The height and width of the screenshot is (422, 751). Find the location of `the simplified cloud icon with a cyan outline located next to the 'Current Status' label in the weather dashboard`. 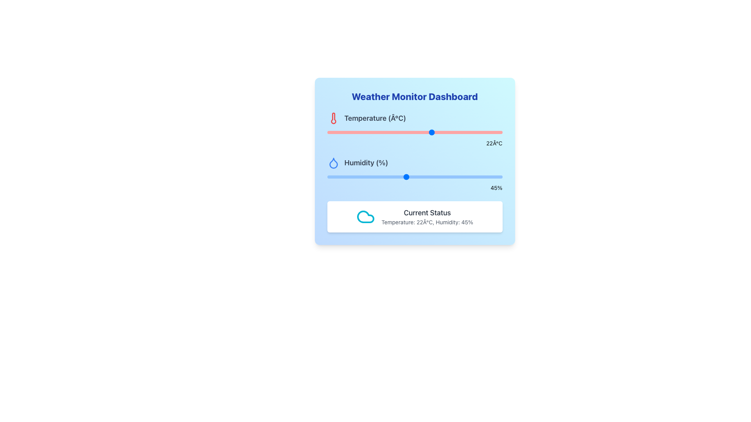

the simplified cloud icon with a cyan outline located next to the 'Current Status' label in the weather dashboard is located at coordinates (365, 217).